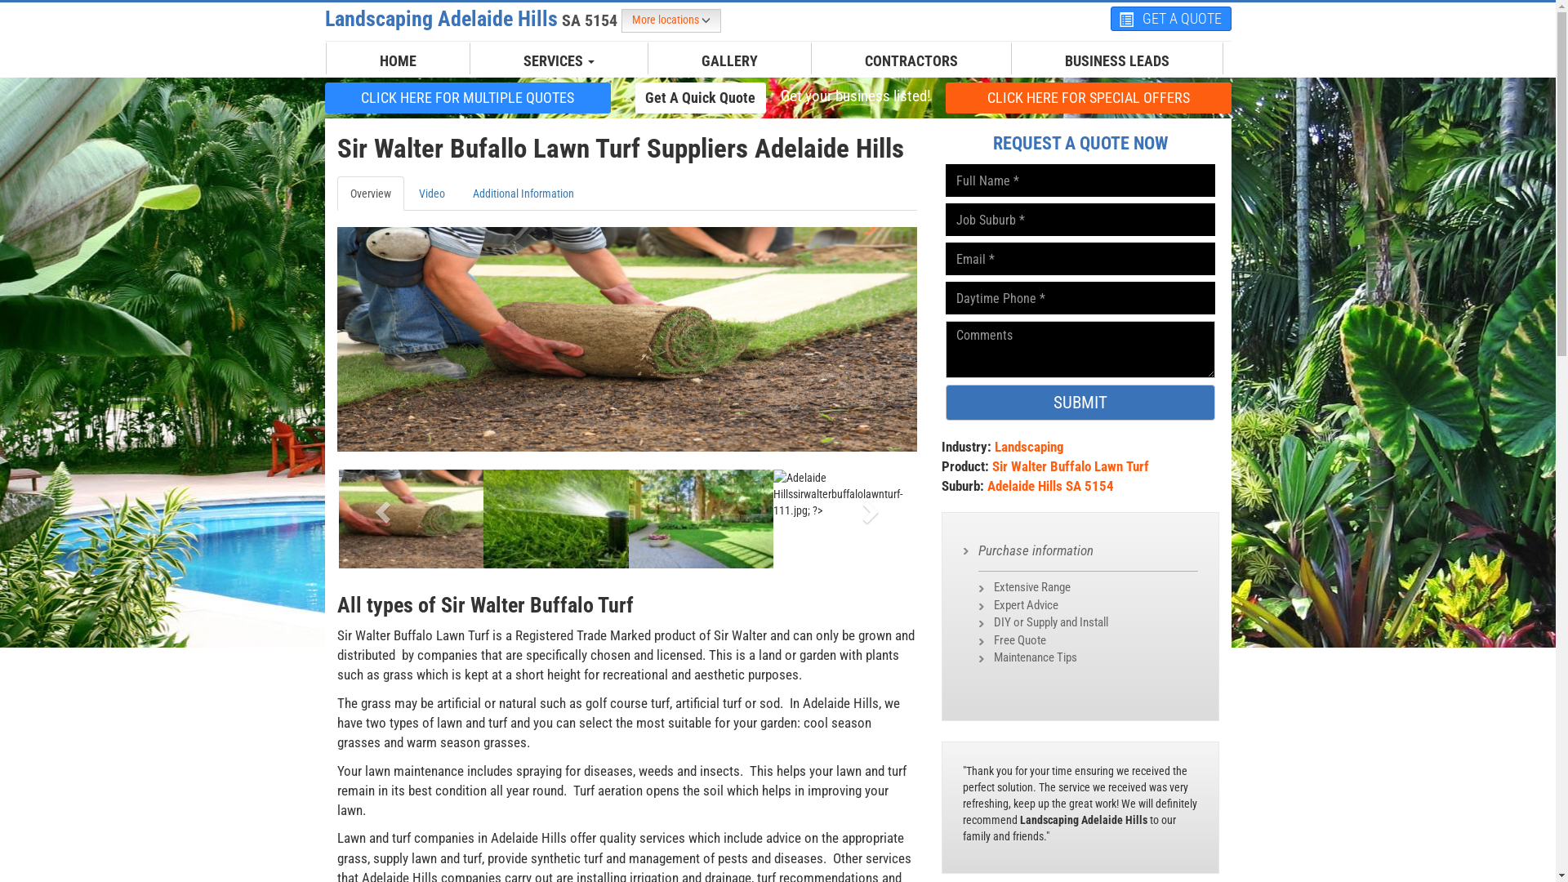 This screenshot has width=1568, height=882. Describe the element at coordinates (853, 96) in the screenshot. I see `'Get your business listed!'` at that location.